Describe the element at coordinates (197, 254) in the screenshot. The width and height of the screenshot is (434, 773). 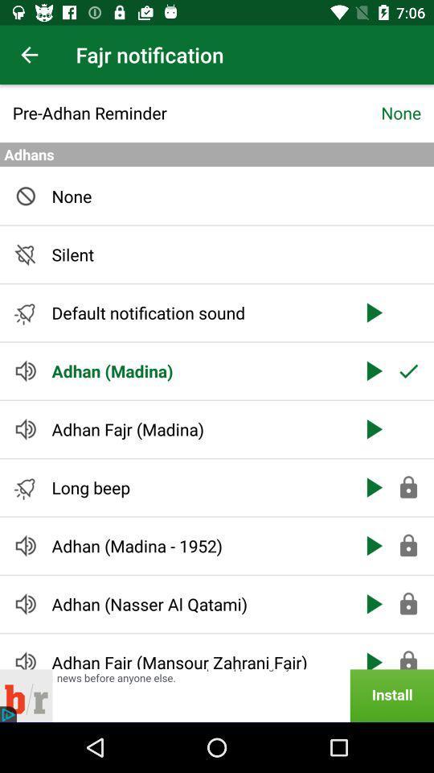
I see `the silent icon` at that location.